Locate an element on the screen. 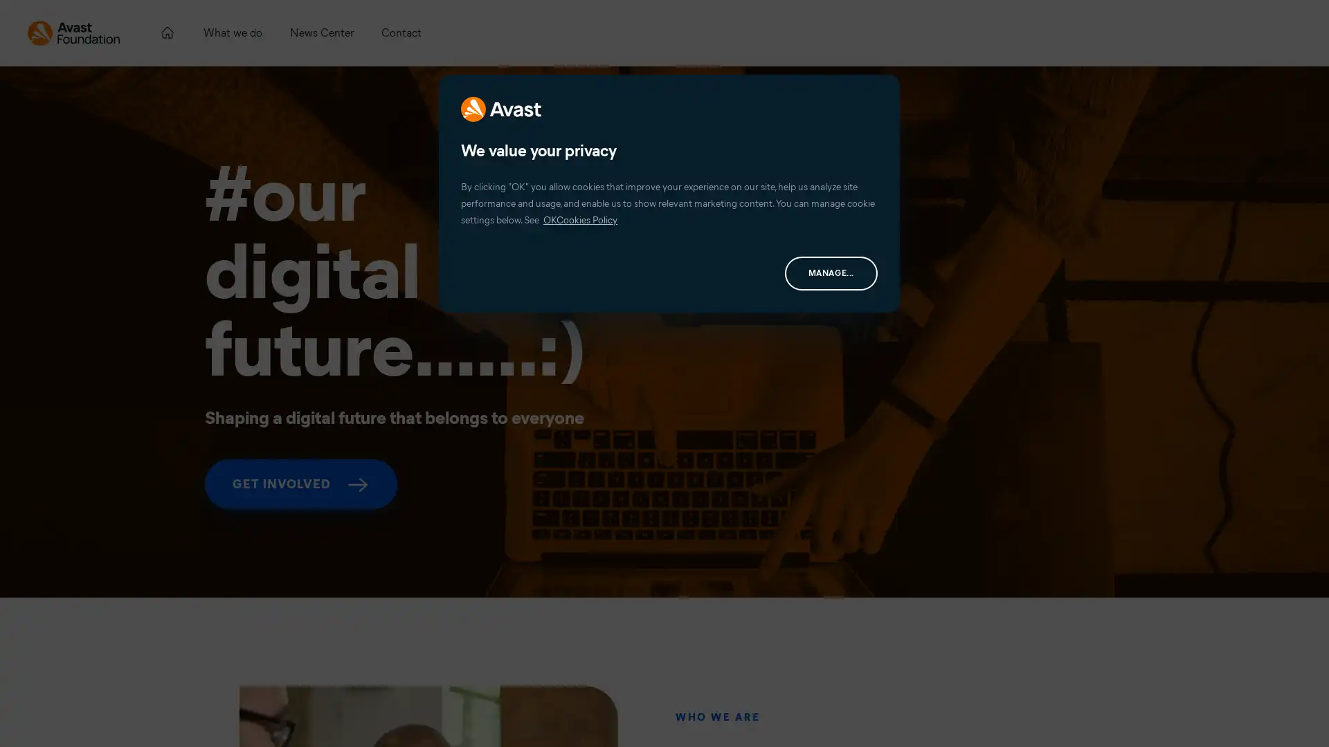 Image resolution: width=1329 pixels, height=747 pixels. MANAGE... is located at coordinates (831, 273).